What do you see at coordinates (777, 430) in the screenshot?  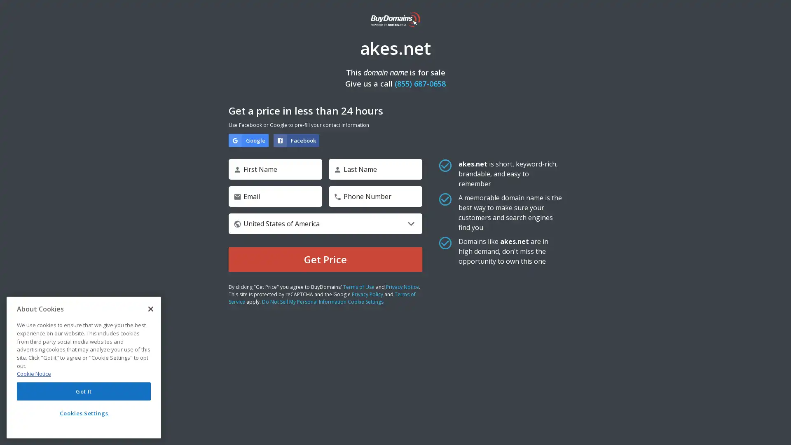 I see `Explore your accessibility options` at bounding box center [777, 430].